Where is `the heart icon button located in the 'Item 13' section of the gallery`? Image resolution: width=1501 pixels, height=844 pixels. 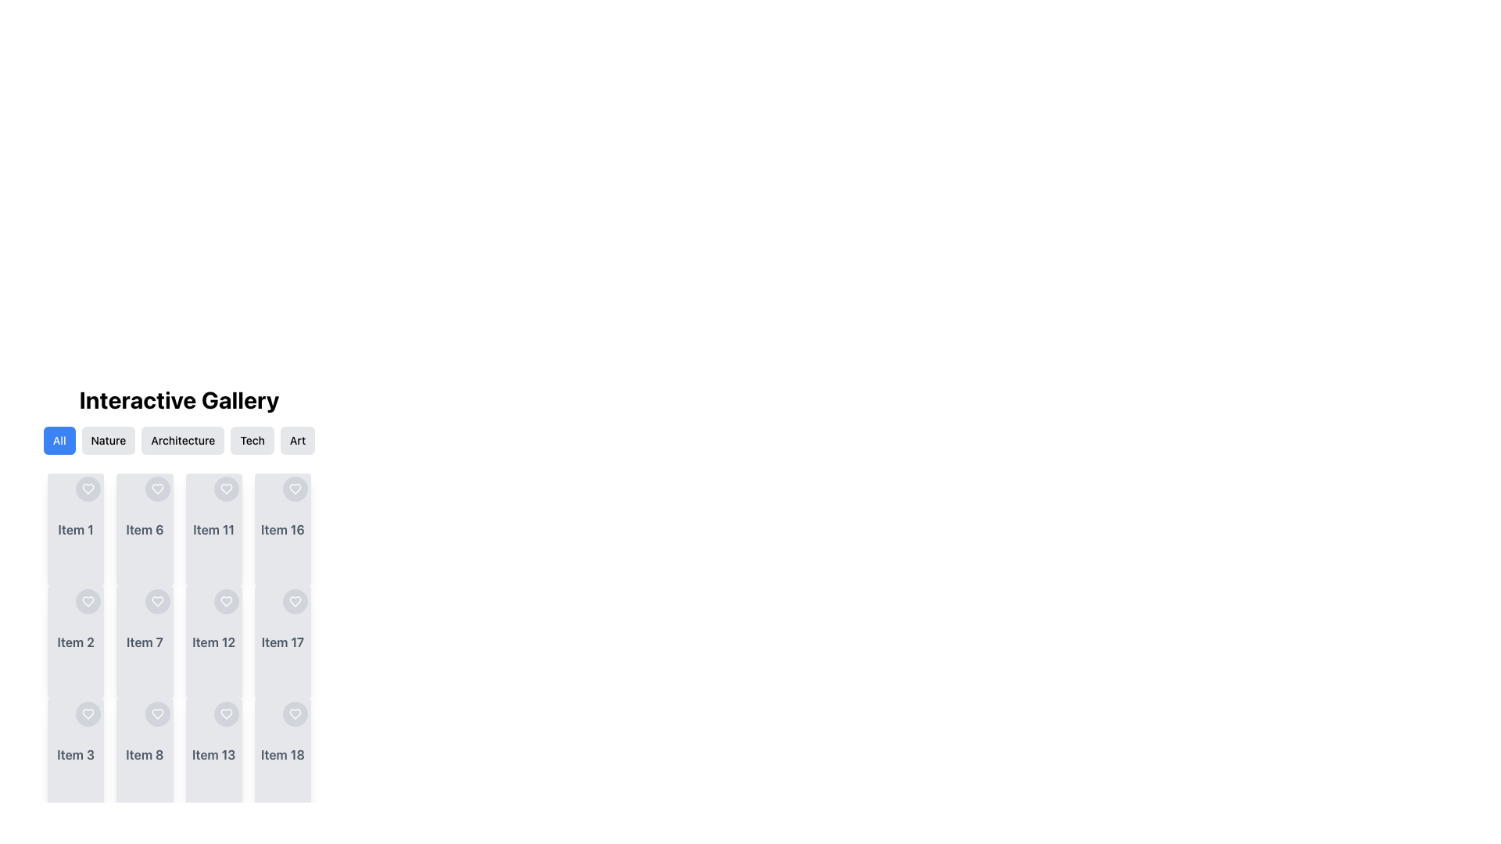
the heart icon button located in the 'Item 13' section of the gallery is located at coordinates (225, 714).